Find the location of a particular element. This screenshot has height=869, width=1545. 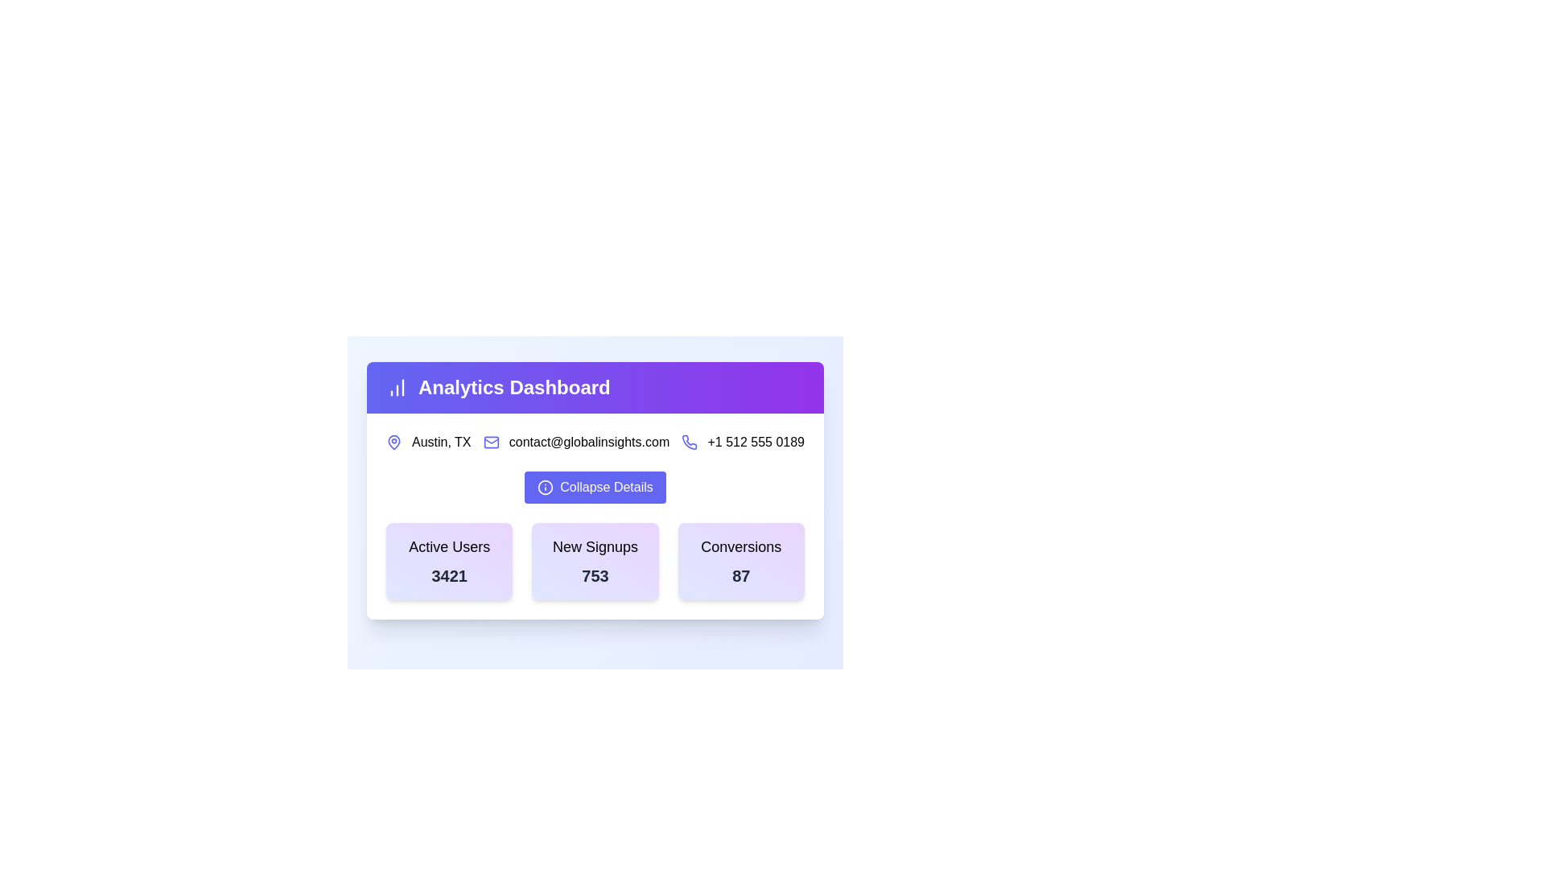

the Text with icon component that features a purple mail icon and an email address, positioned between the 'Austin, TX' label and a phone number is located at coordinates (576, 443).